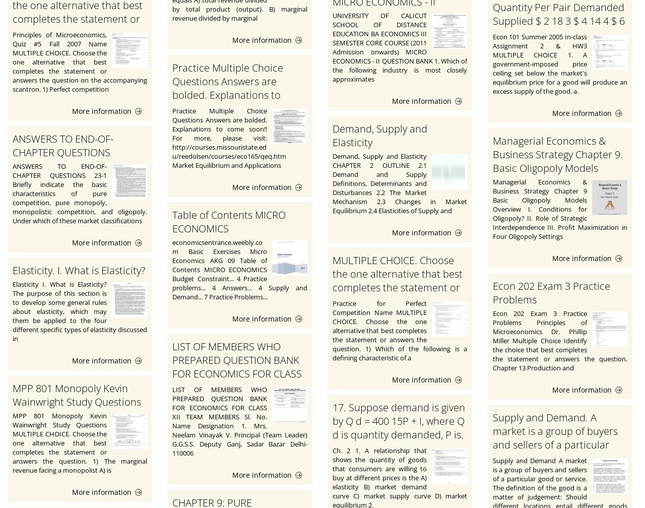 This screenshot has height=508, width=645. Describe the element at coordinates (79, 311) in the screenshot. I see `'Elasticity I. What is Elasticity? The purpose of this section is to develop some general rules about elasticity, which may them be applied to the four different specific types of elasticity discussed in'` at that location.